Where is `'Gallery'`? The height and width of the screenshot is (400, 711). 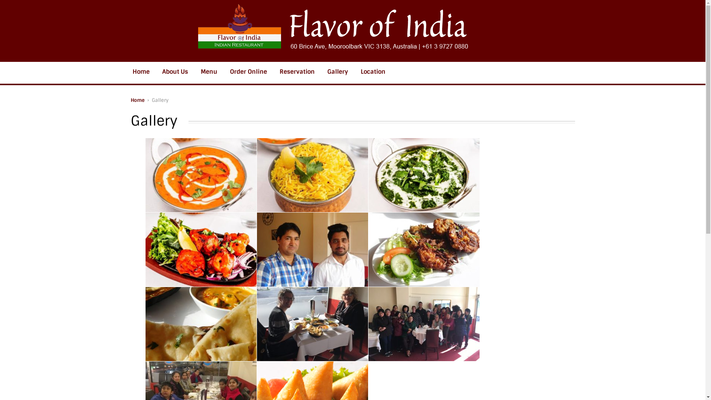 'Gallery' is located at coordinates (337, 71).